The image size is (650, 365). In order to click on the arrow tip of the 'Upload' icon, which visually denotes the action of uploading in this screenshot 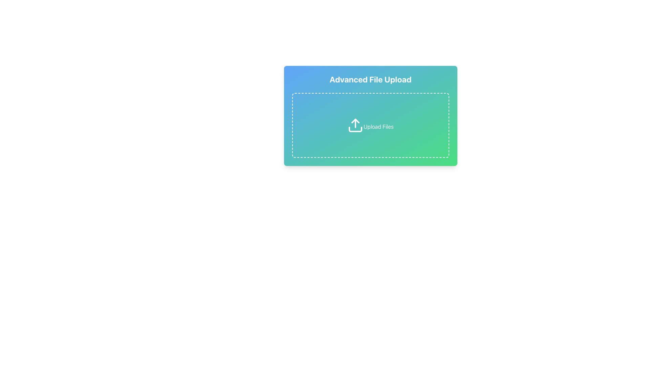, I will do `click(355, 121)`.